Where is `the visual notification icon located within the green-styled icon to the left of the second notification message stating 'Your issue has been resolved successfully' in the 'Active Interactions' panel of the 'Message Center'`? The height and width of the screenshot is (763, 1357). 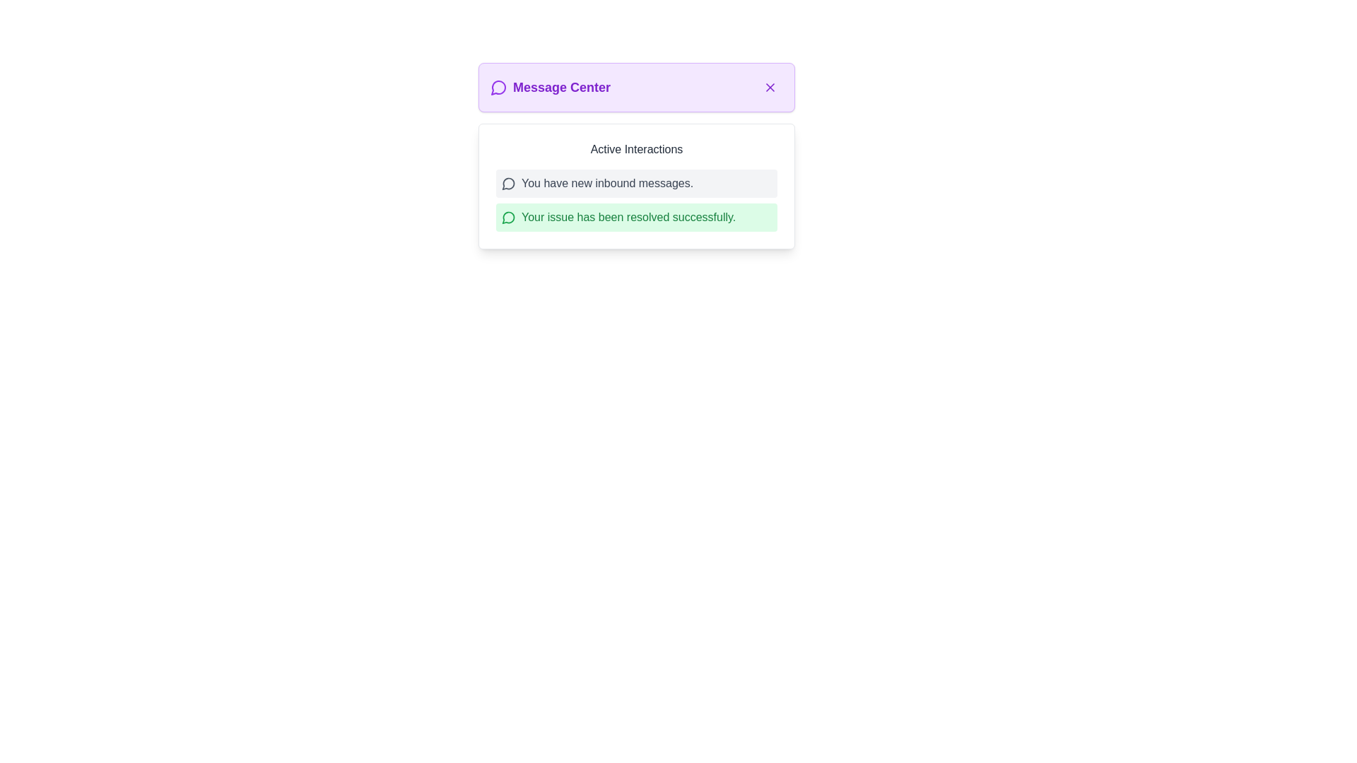 the visual notification icon located within the green-styled icon to the left of the second notification message stating 'Your issue has been resolved successfully' in the 'Active Interactions' panel of the 'Message Center' is located at coordinates (508, 218).